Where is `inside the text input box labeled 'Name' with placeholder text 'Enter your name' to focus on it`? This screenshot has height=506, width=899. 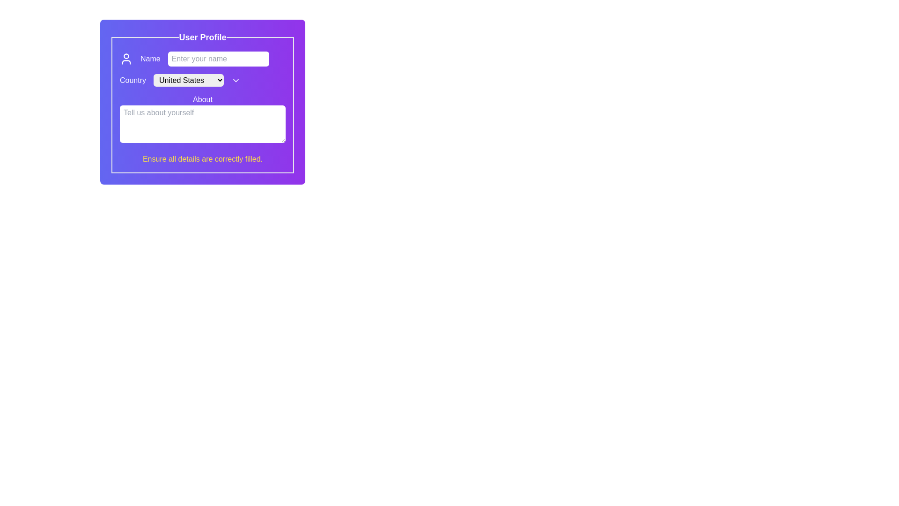 inside the text input box labeled 'Name' with placeholder text 'Enter your name' to focus on it is located at coordinates (202, 59).